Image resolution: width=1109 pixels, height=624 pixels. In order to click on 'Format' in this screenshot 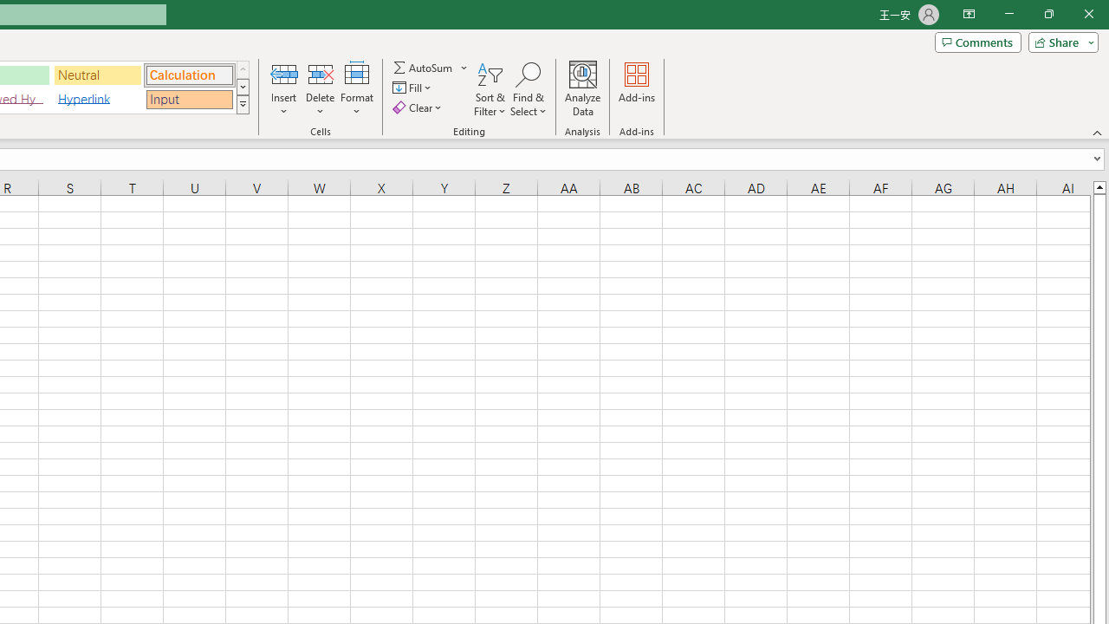, I will do `click(356, 89)`.